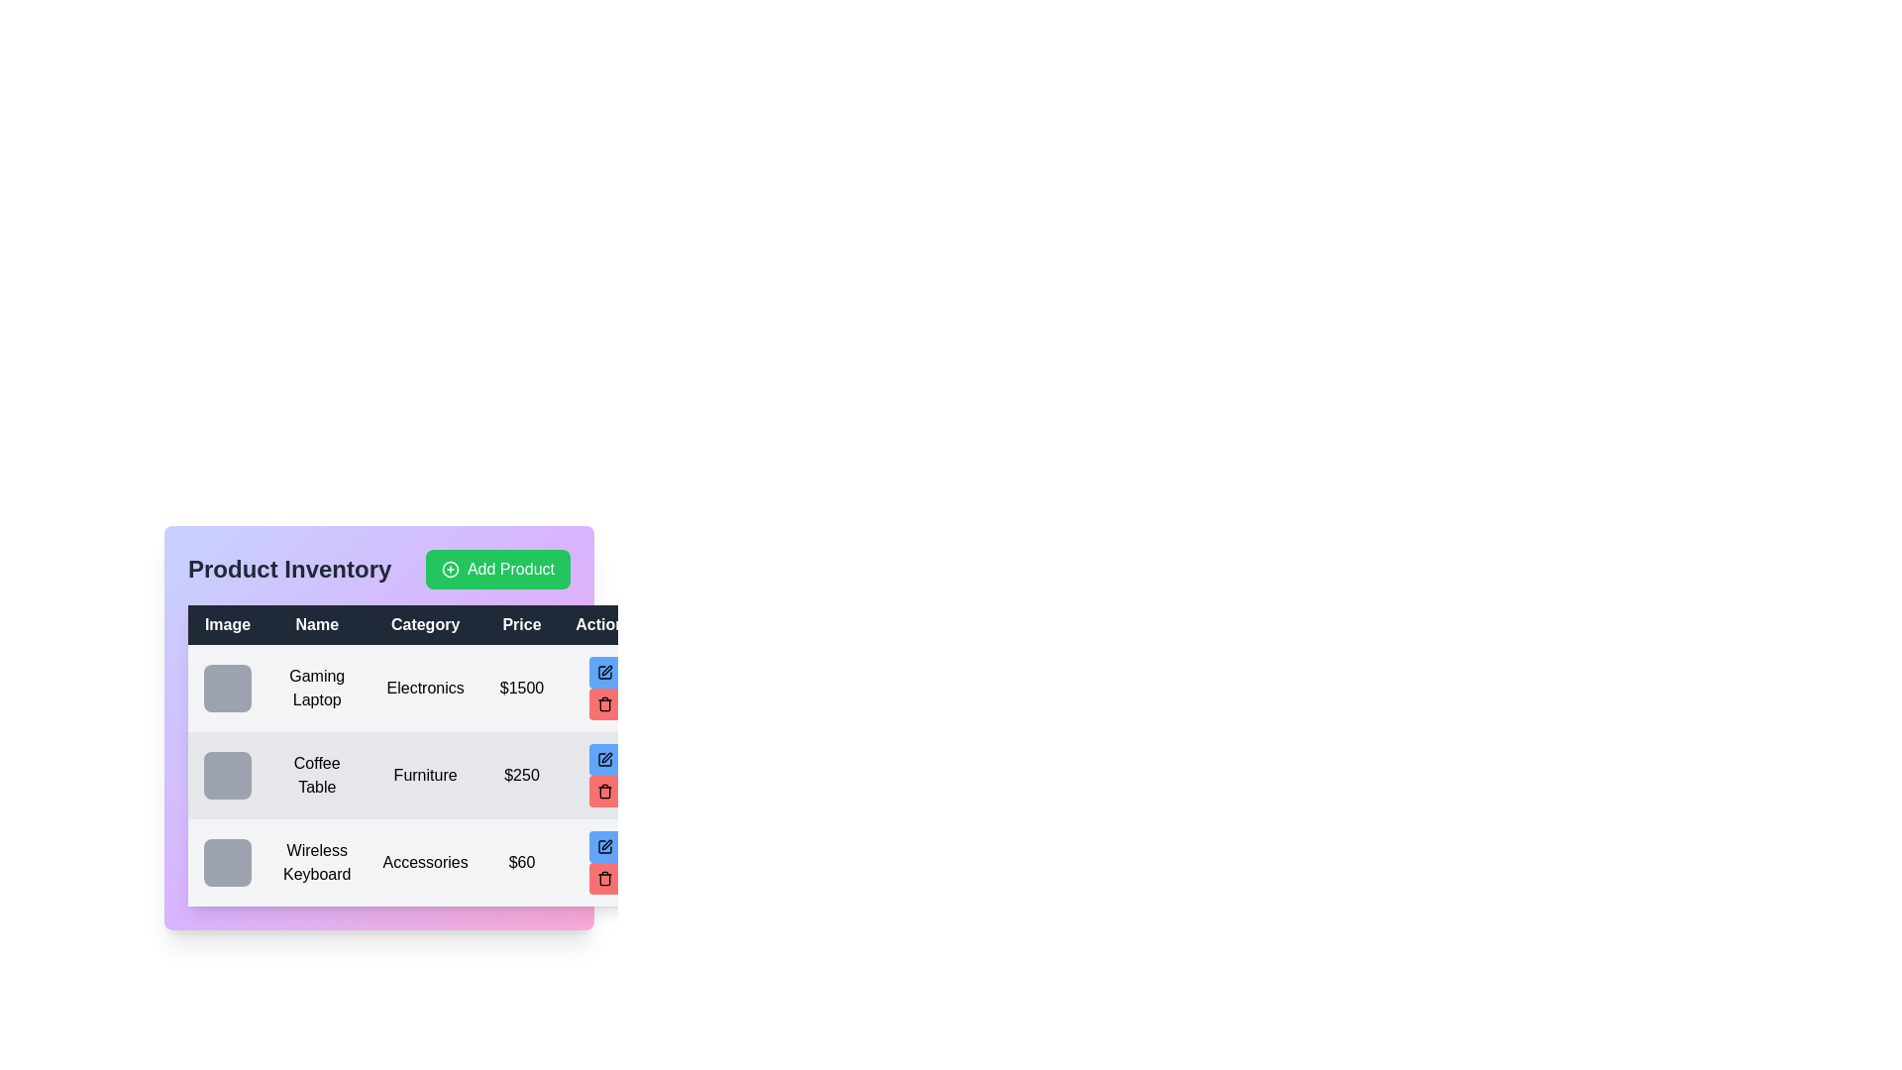 The width and height of the screenshot is (1902, 1070). Describe the element at coordinates (522, 687) in the screenshot. I see `the price display element showing '$1500' for the 'Gaming Laptop' product in the 'Price' column of the table` at that location.